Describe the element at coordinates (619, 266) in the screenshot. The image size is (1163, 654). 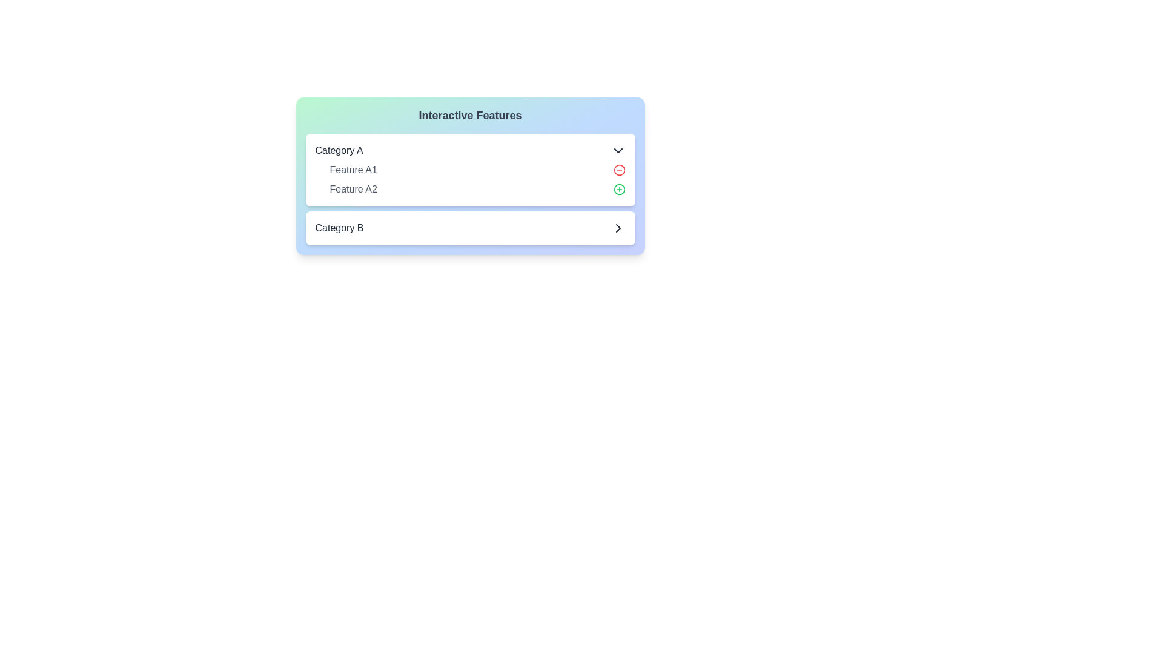
I see `the green circle with a 'plus' indication located in the bottom-right corner of the 'Interactive Features' section` at that location.